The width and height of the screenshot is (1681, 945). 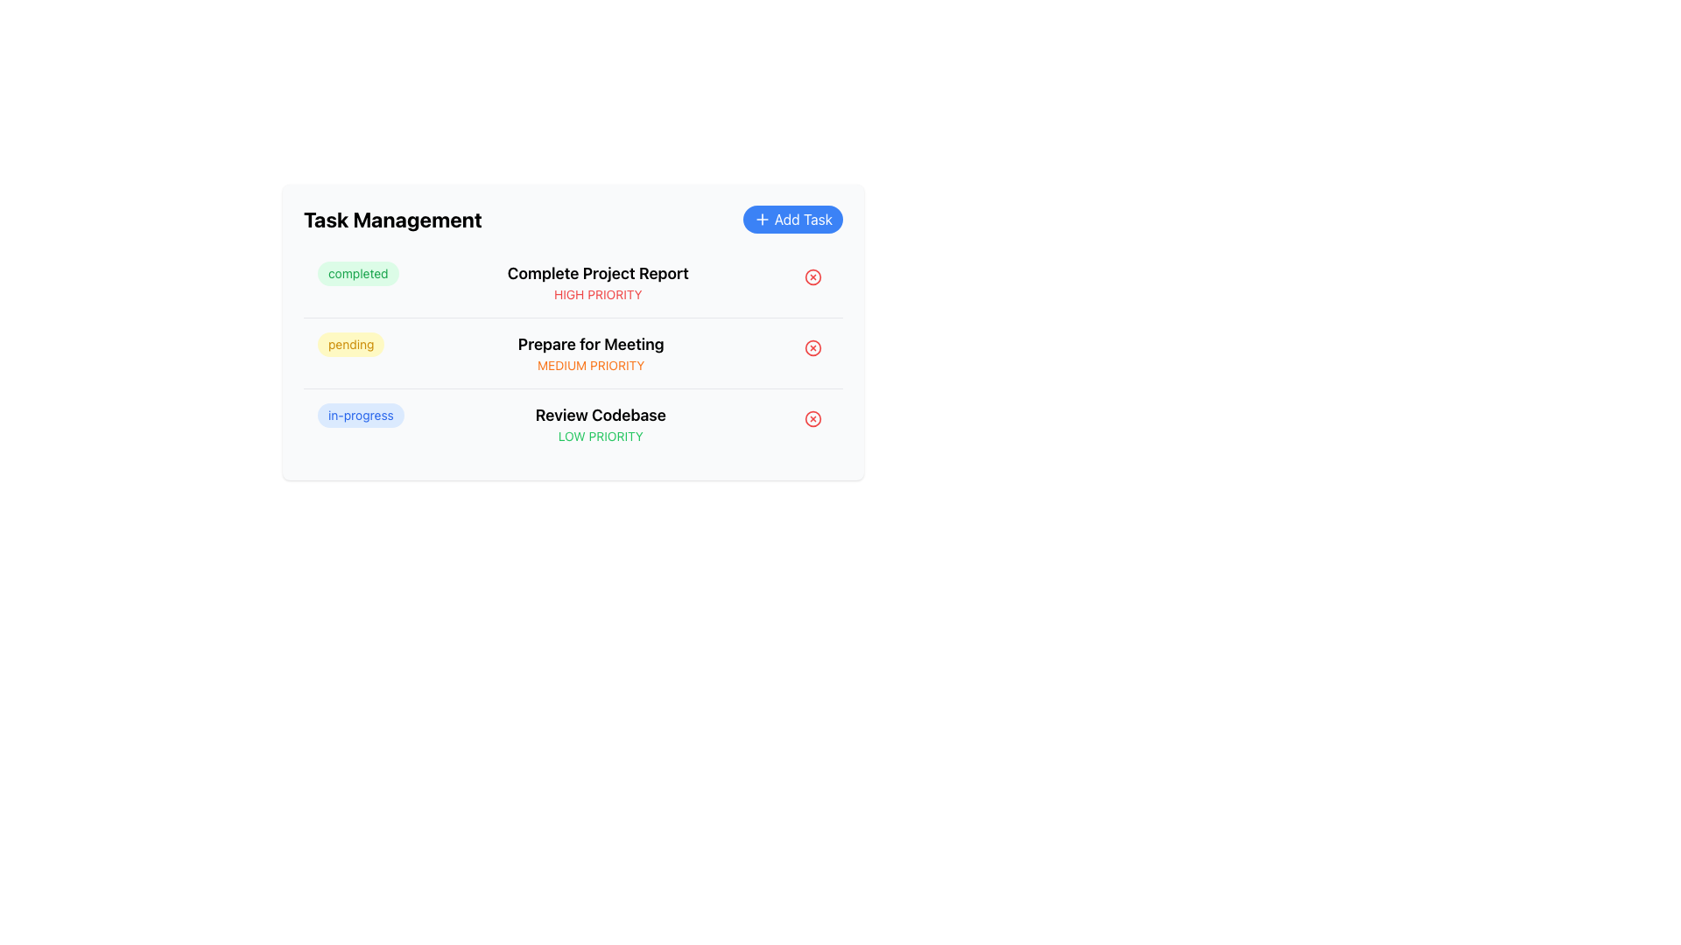 What do you see at coordinates (601, 435) in the screenshot?
I see `the static text label indicating the priority level of the task 'Review Codebase' located below the task title in the task management interface` at bounding box center [601, 435].